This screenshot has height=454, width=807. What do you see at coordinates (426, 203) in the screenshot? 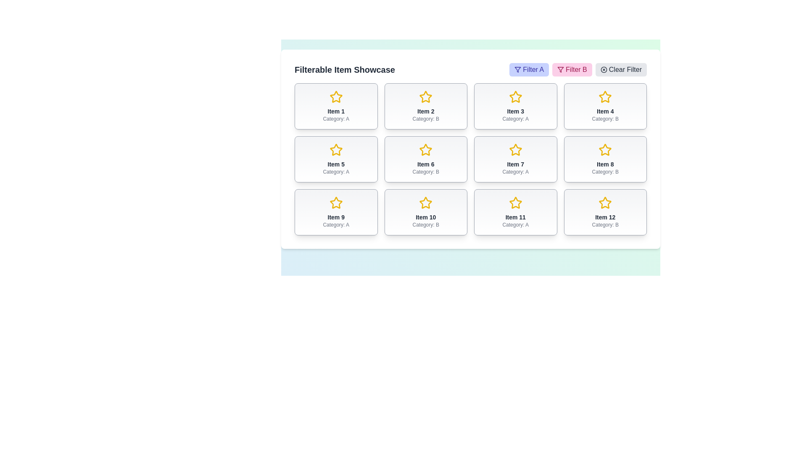
I see `the yellow star icon located` at bounding box center [426, 203].